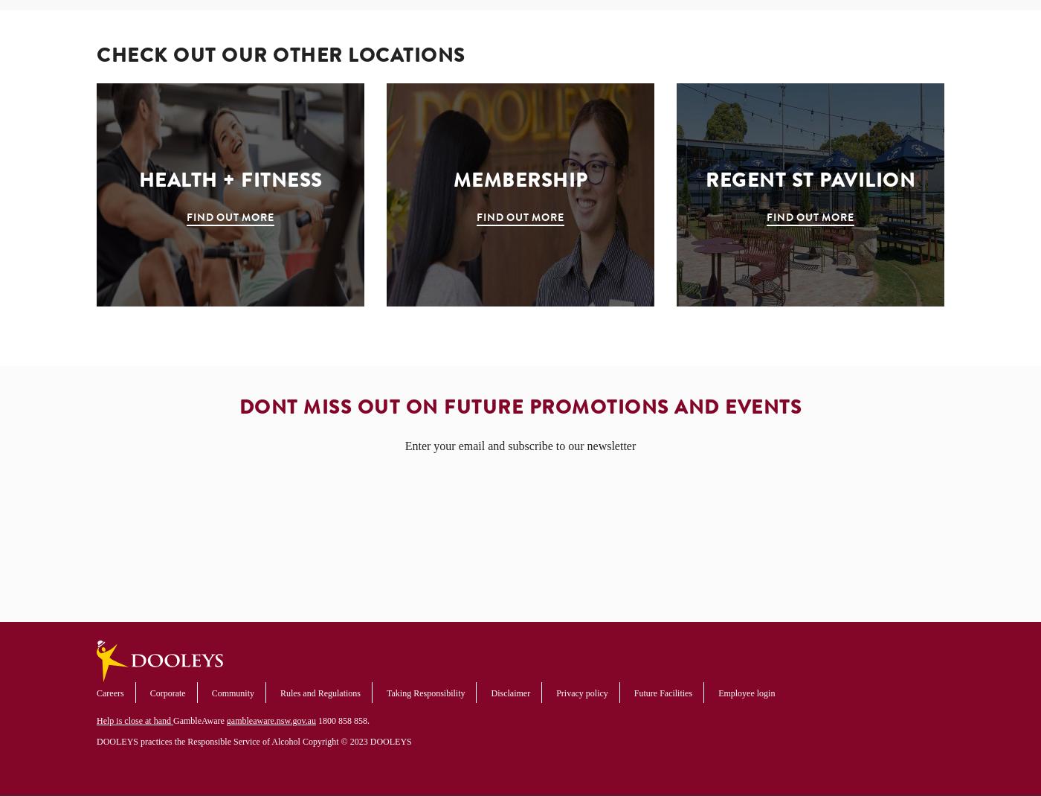 The image size is (1041, 796). What do you see at coordinates (199, 719) in the screenshot?
I see `'GambleAware'` at bounding box center [199, 719].